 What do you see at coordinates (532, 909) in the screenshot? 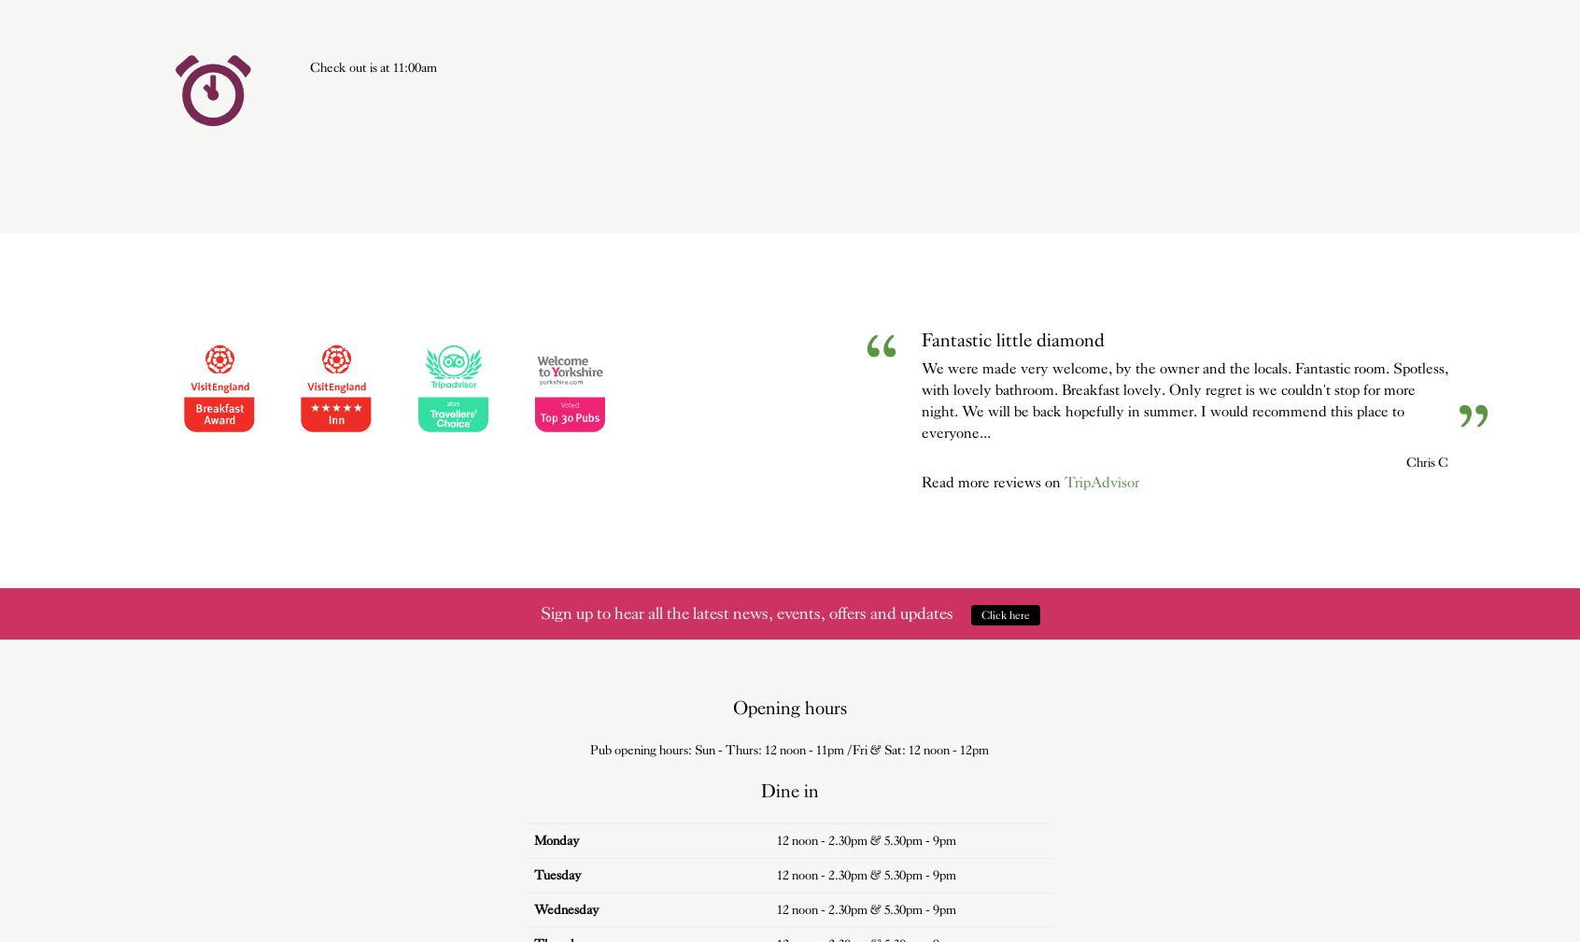
I see `'Wed'` at bounding box center [532, 909].